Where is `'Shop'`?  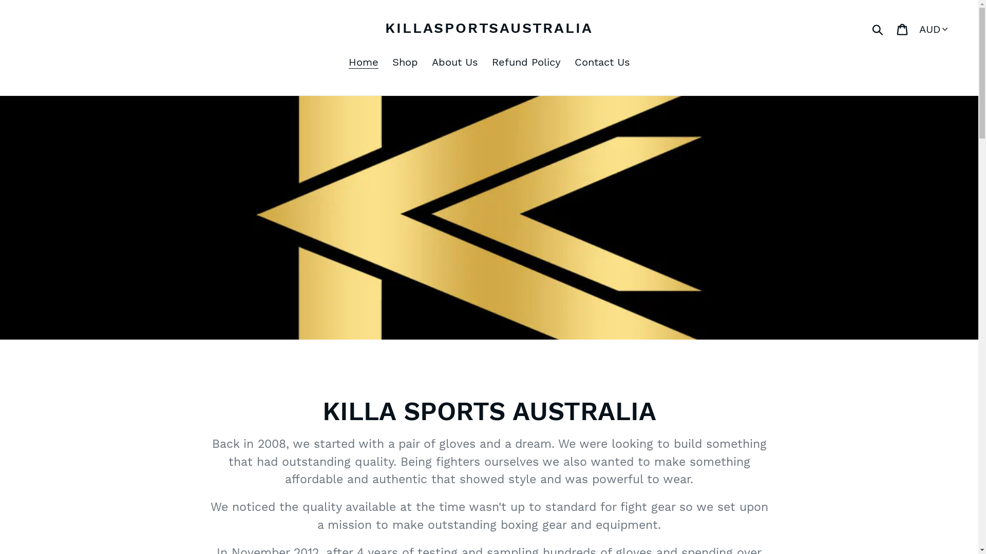 'Shop' is located at coordinates (404, 63).